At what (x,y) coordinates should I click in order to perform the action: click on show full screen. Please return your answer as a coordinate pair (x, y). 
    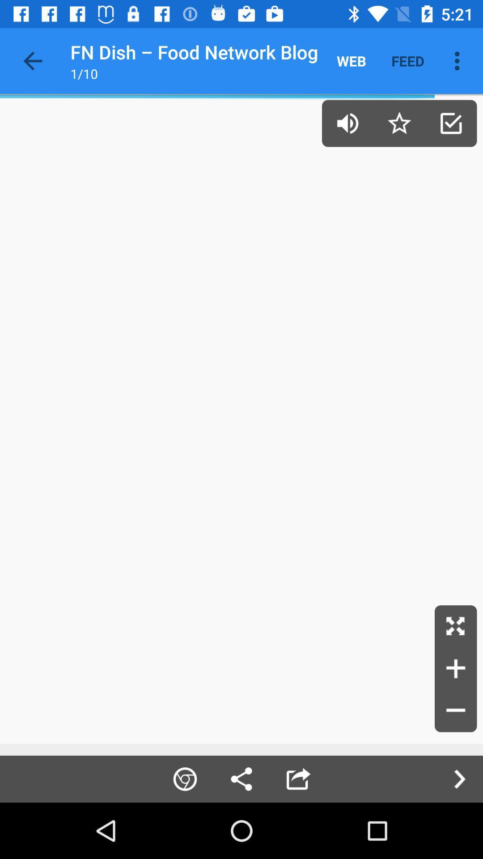
    Looking at the image, I should click on (456, 626).